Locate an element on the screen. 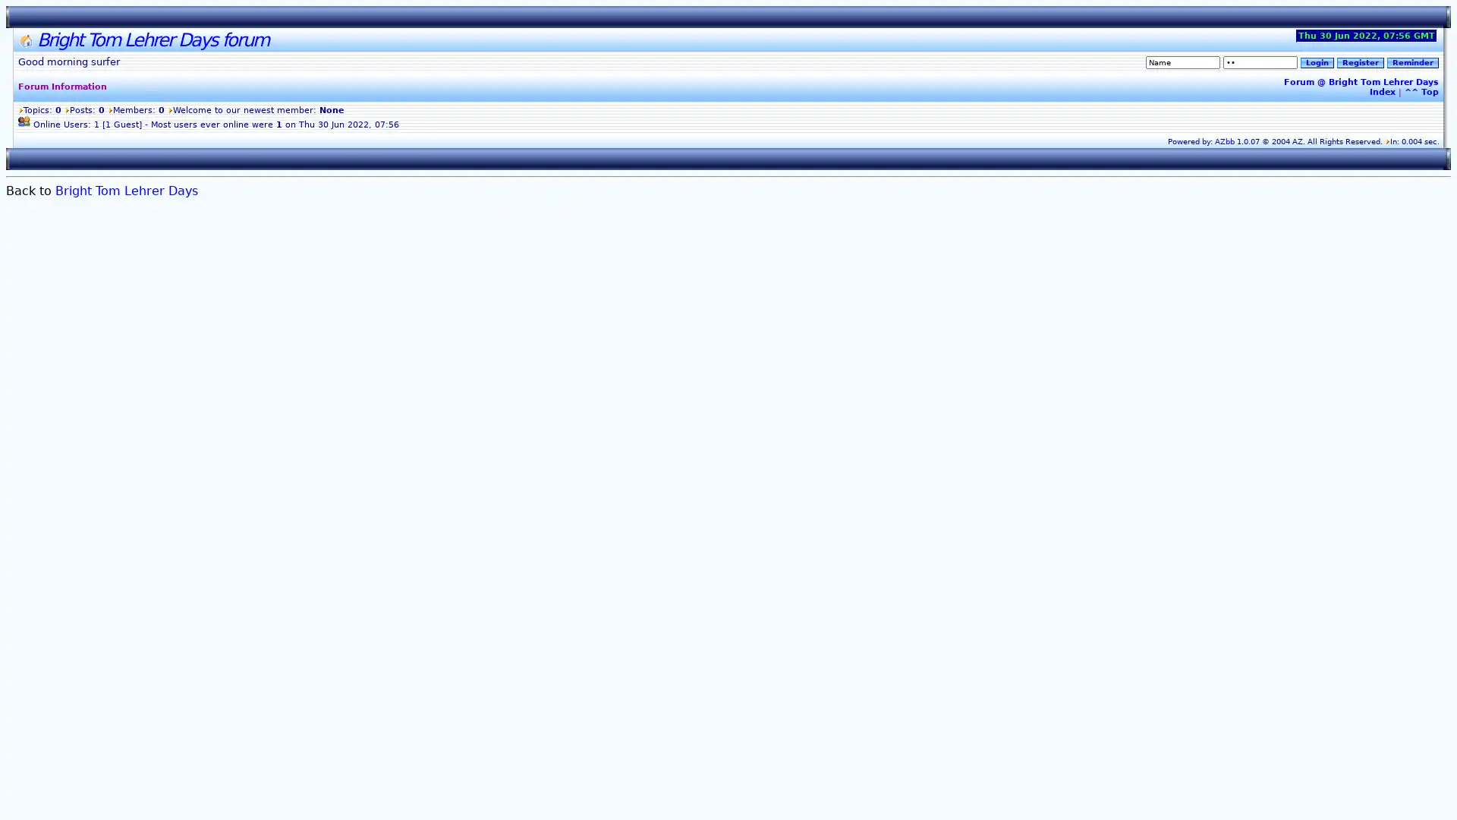  Register is located at coordinates (1361, 61).